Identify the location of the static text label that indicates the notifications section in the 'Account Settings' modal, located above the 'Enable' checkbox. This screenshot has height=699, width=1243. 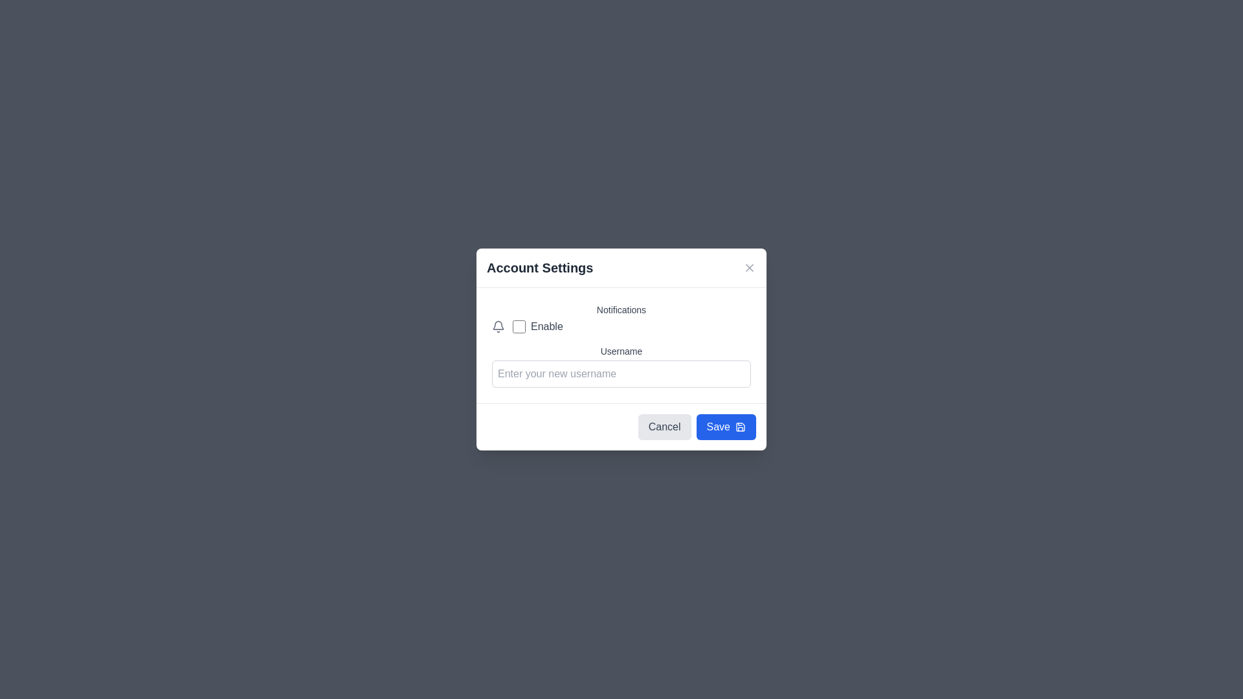
(621, 309).